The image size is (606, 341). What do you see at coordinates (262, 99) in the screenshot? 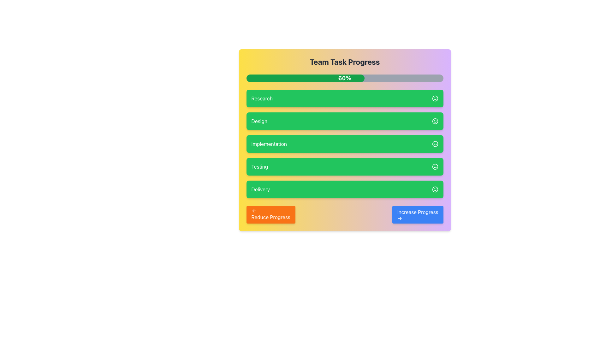
I see `displayed text 'Research' from the left-aligned text label within the first green block below the progress bar` at bounding box center [262, 99].